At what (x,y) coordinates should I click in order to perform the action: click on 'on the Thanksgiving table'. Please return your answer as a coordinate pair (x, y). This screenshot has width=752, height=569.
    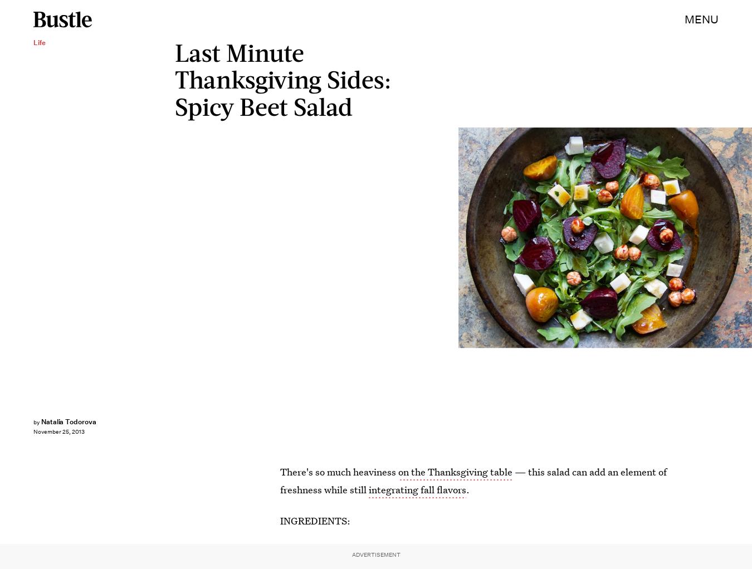
    Looking at the image, I should click on (455, 472).